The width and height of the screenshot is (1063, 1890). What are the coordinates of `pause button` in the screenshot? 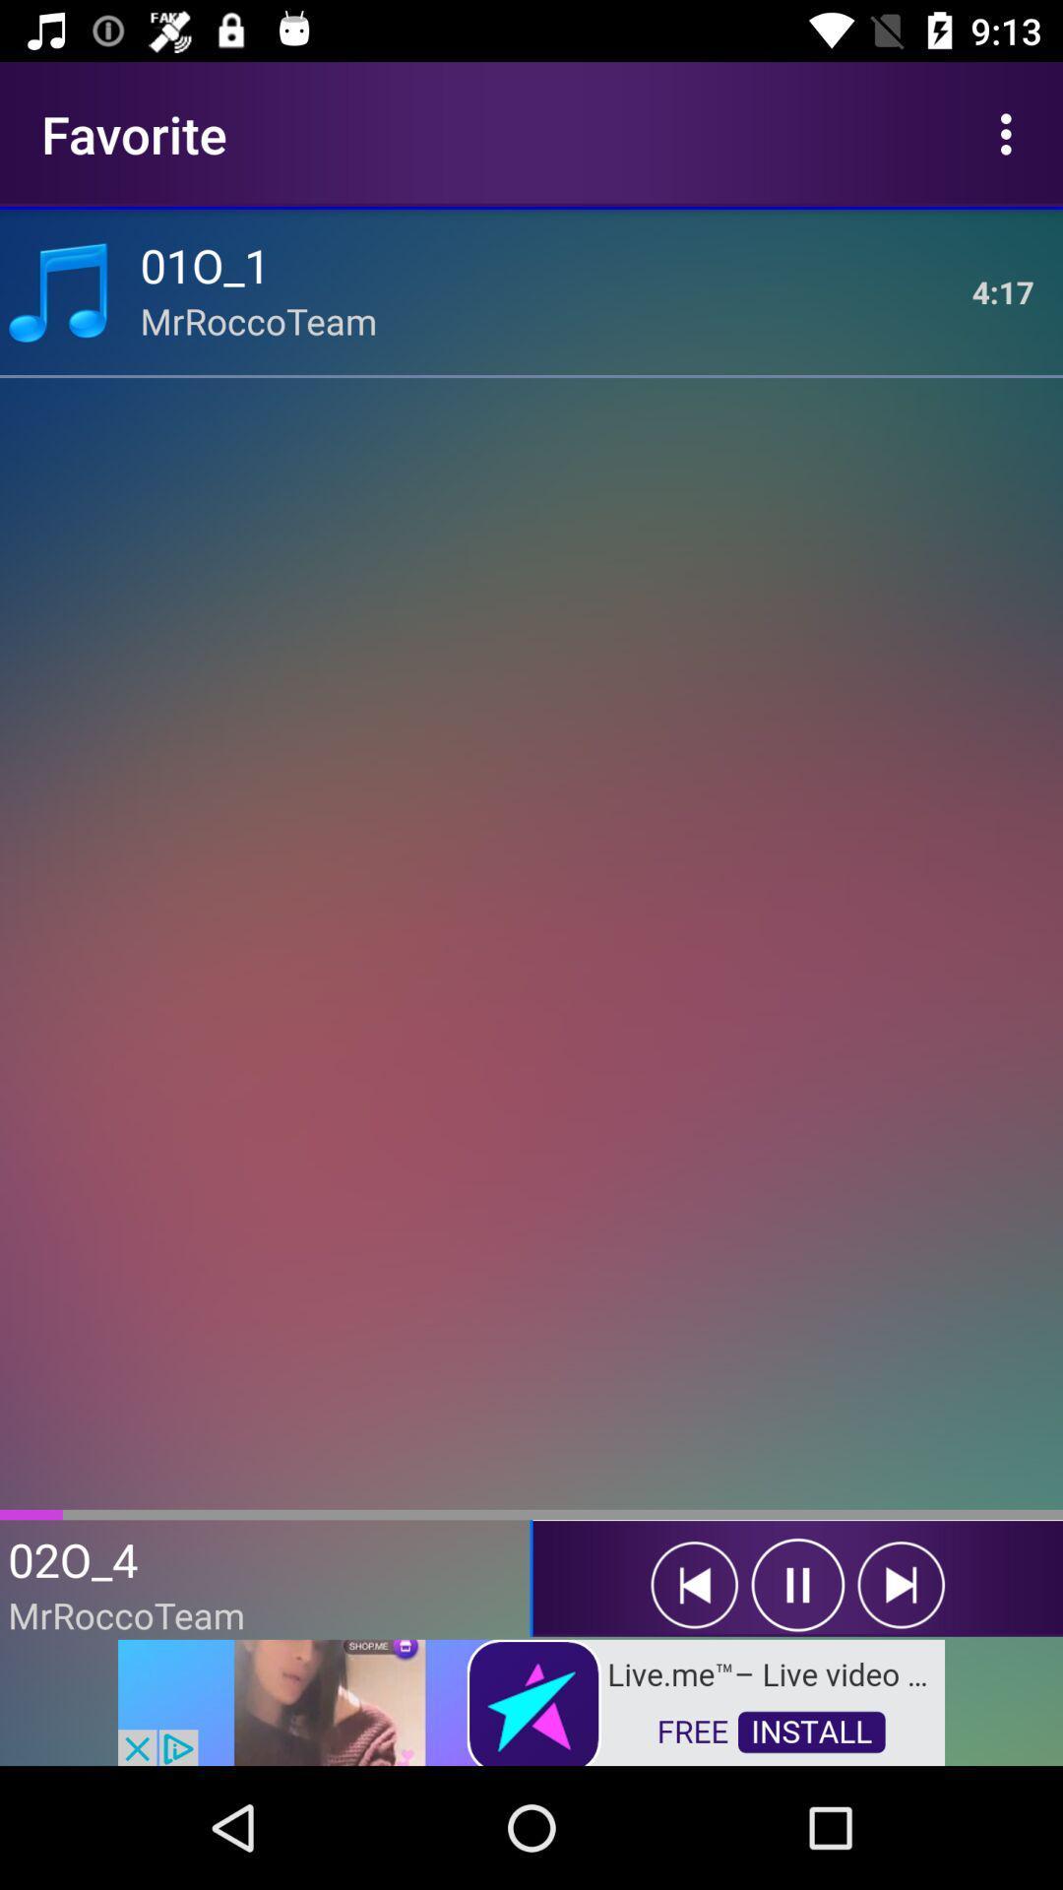 It's located at (797, 1585).